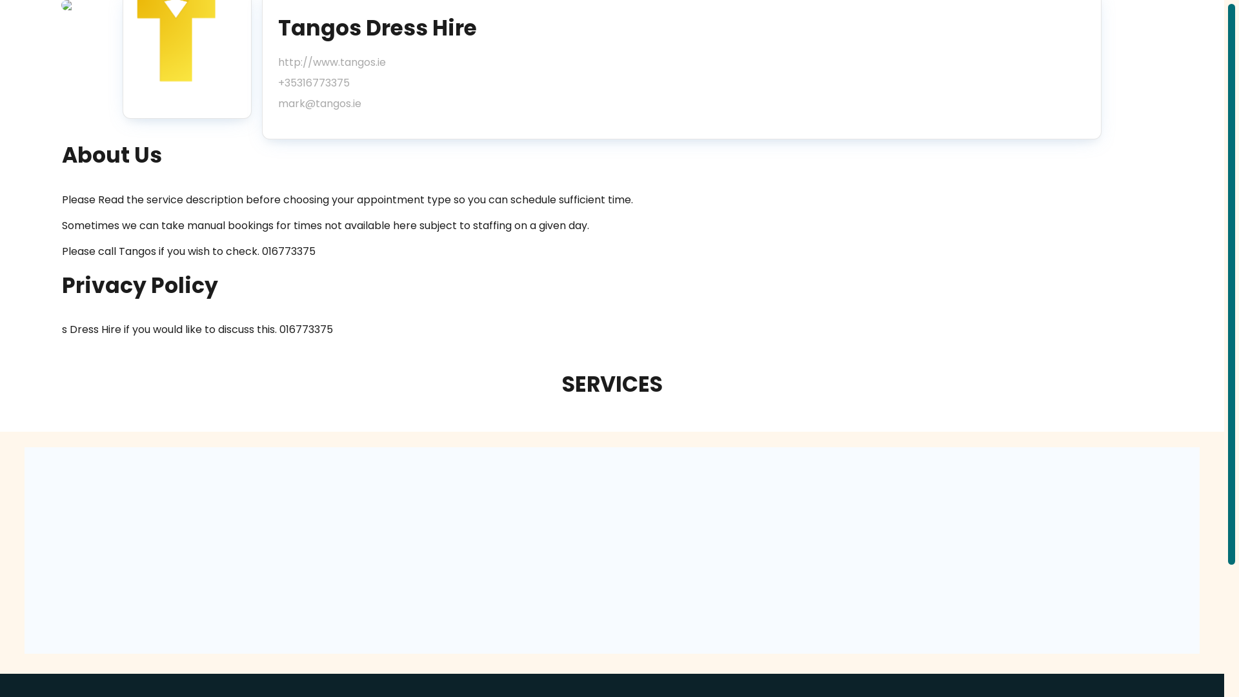 This screenshot has width=1239, height=697. Describe the element at coordinates (332, 103) in the screenshot. I see `'mark@tangos.ie'` at that location.